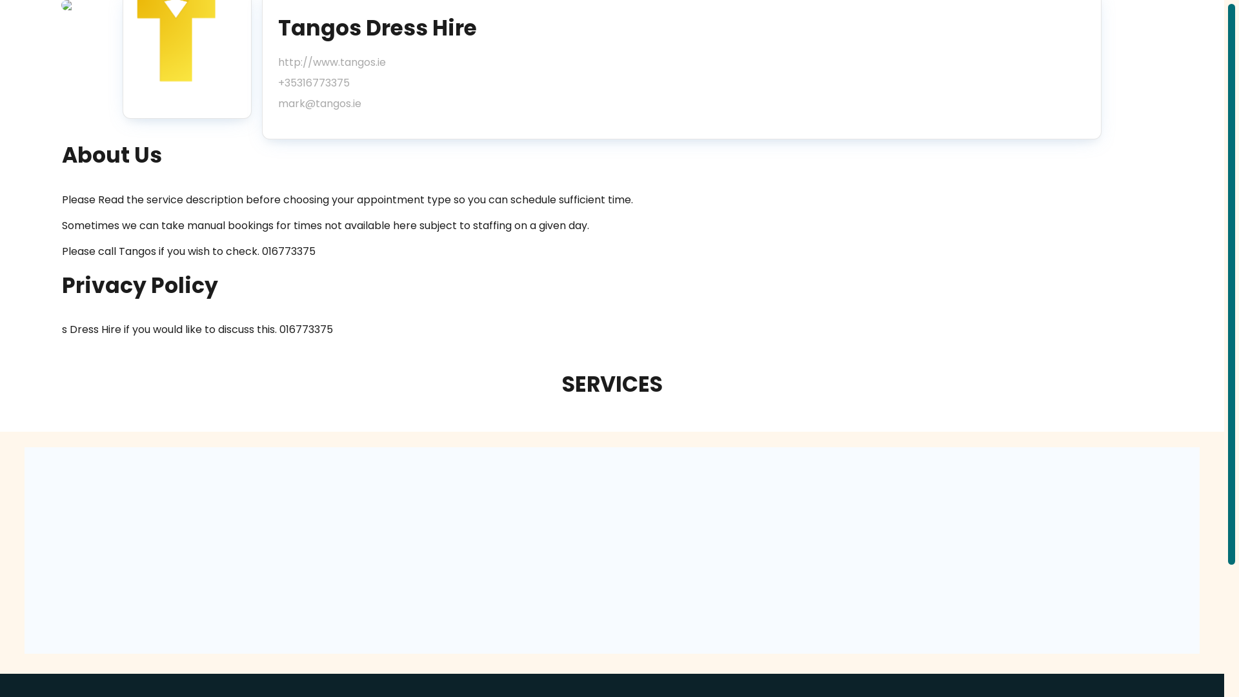 This screenshot has width=1239, height=697. Describe the element at coordinates (332, 103) in the screenshot. I see `'mark@tangos.ie'` at that location.